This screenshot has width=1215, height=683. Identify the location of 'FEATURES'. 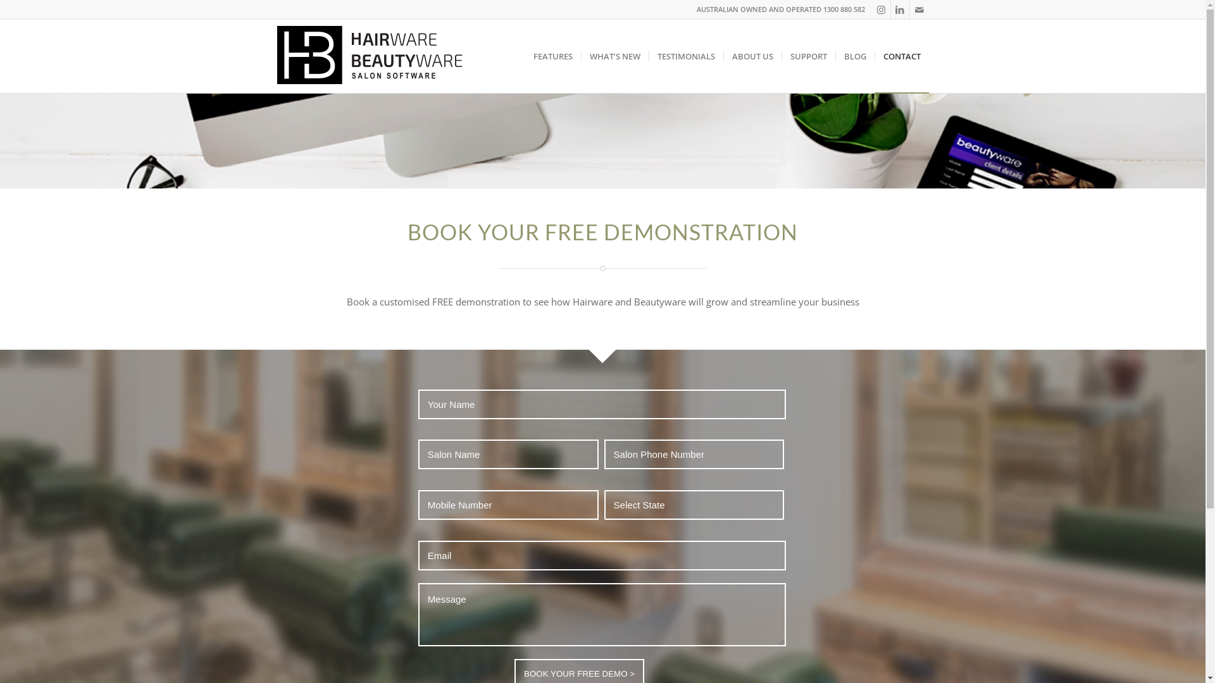
(525, 55).